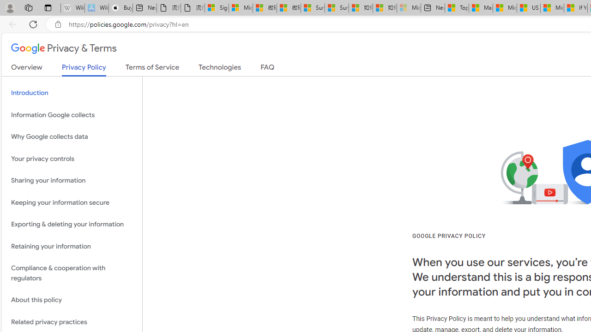  I want to click on 'Keeping your information secure', so click(72, 202).